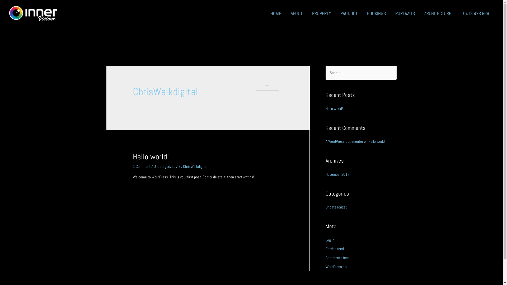 This screenshot has height=285, width=507. Describe the element at coordinates (390, 73) in the screenshot. I see `'Search'` at that location.